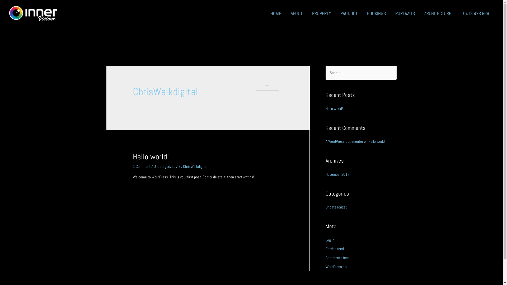 This screenshot has height=285, width=507. Describe the element at coordinates (390, 73) in the screenshot. I see `'Search'` at that location.